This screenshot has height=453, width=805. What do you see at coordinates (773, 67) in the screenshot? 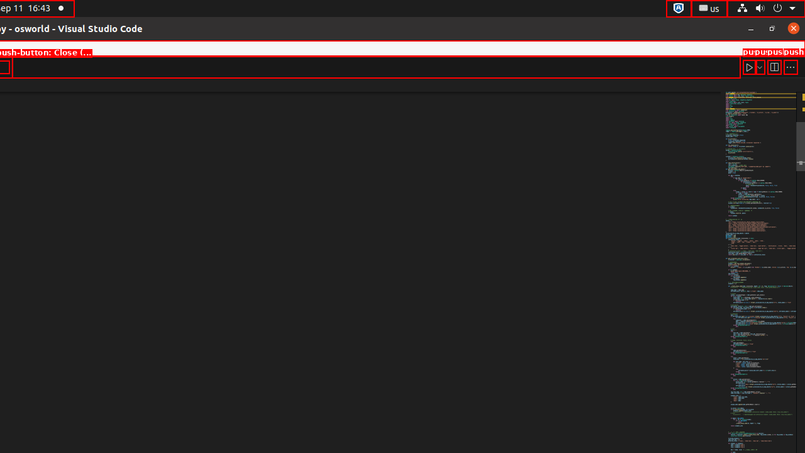
I see `'Split Editor Right (Ctrl+\) [Alt] Split Editor Down'` at bounding box center [773, 67].